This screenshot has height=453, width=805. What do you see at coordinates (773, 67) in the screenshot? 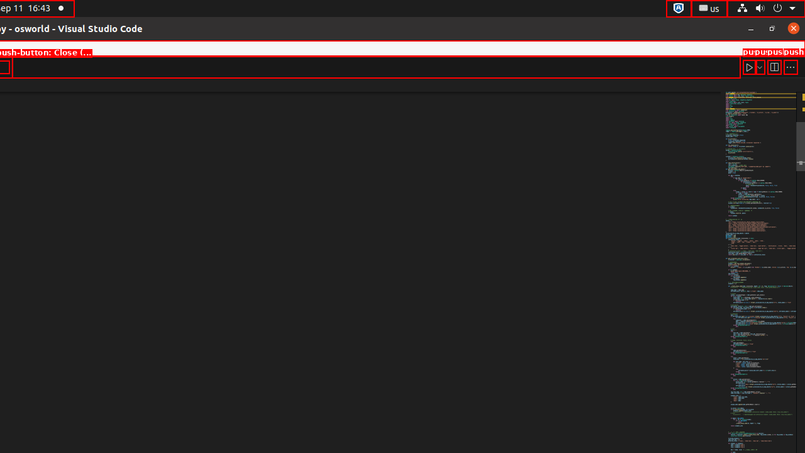
I see `'Split Editor Right (Ctrl+\) [Alt] Split Editor Down'` at bounding box center [773, 67].